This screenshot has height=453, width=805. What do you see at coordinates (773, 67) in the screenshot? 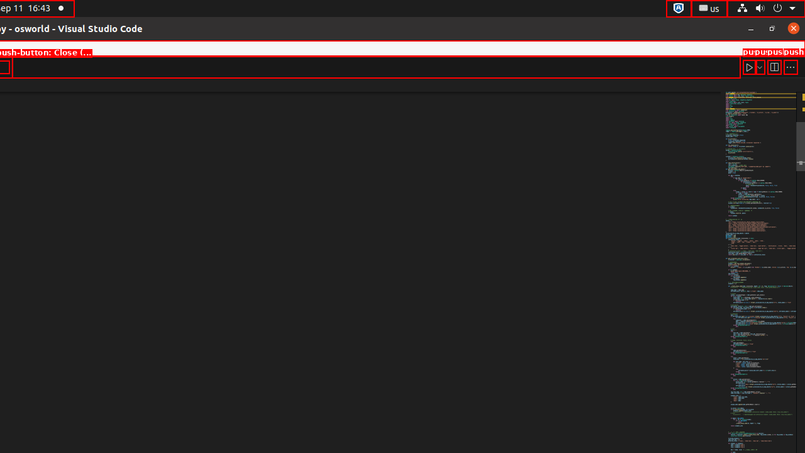
I see `'Split Editor Right (Ctrl+\) [Alt] Split Editor Down'` at bounding box center [773, 67].